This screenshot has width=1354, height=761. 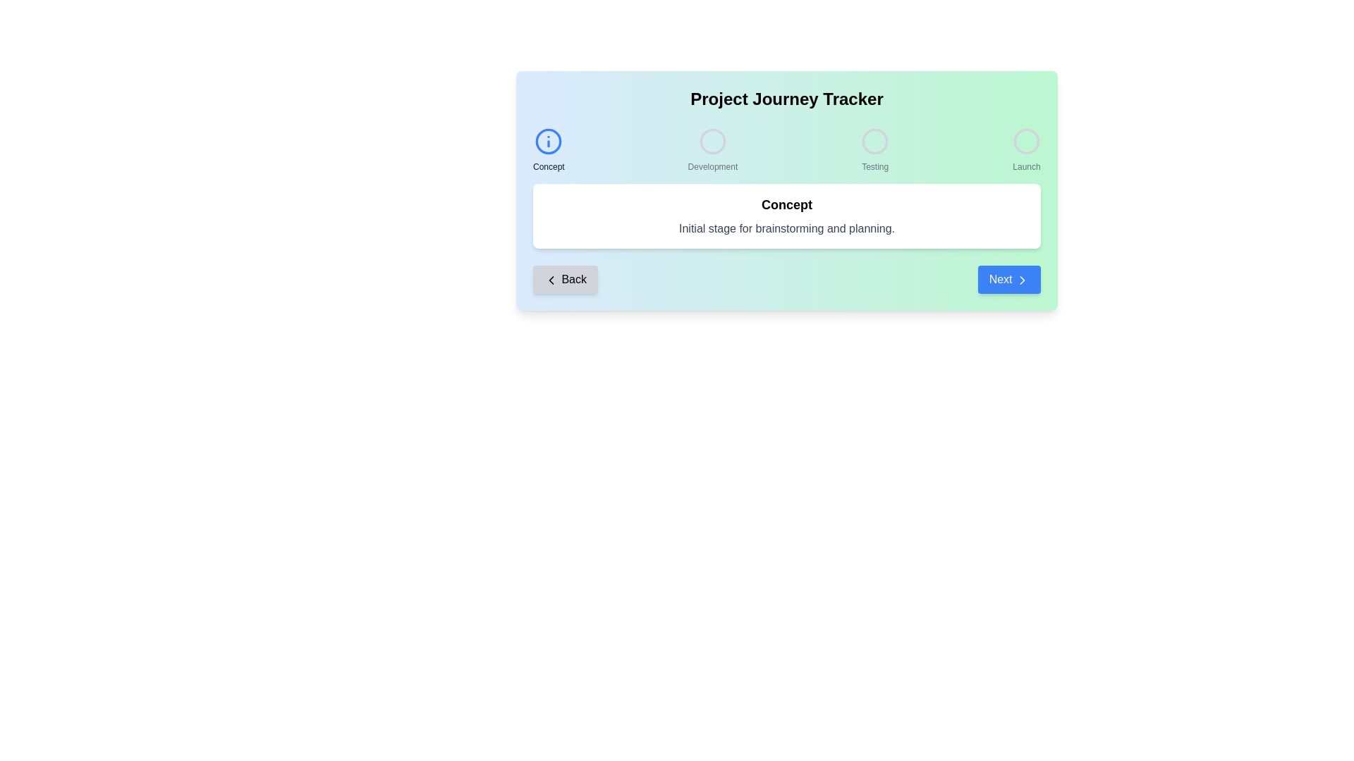 I want to click on the static text label that describes the 'Launch' phase in the Project Journey Tracker card, located in the top-right portion of the card, so click(x=1026, y=166).